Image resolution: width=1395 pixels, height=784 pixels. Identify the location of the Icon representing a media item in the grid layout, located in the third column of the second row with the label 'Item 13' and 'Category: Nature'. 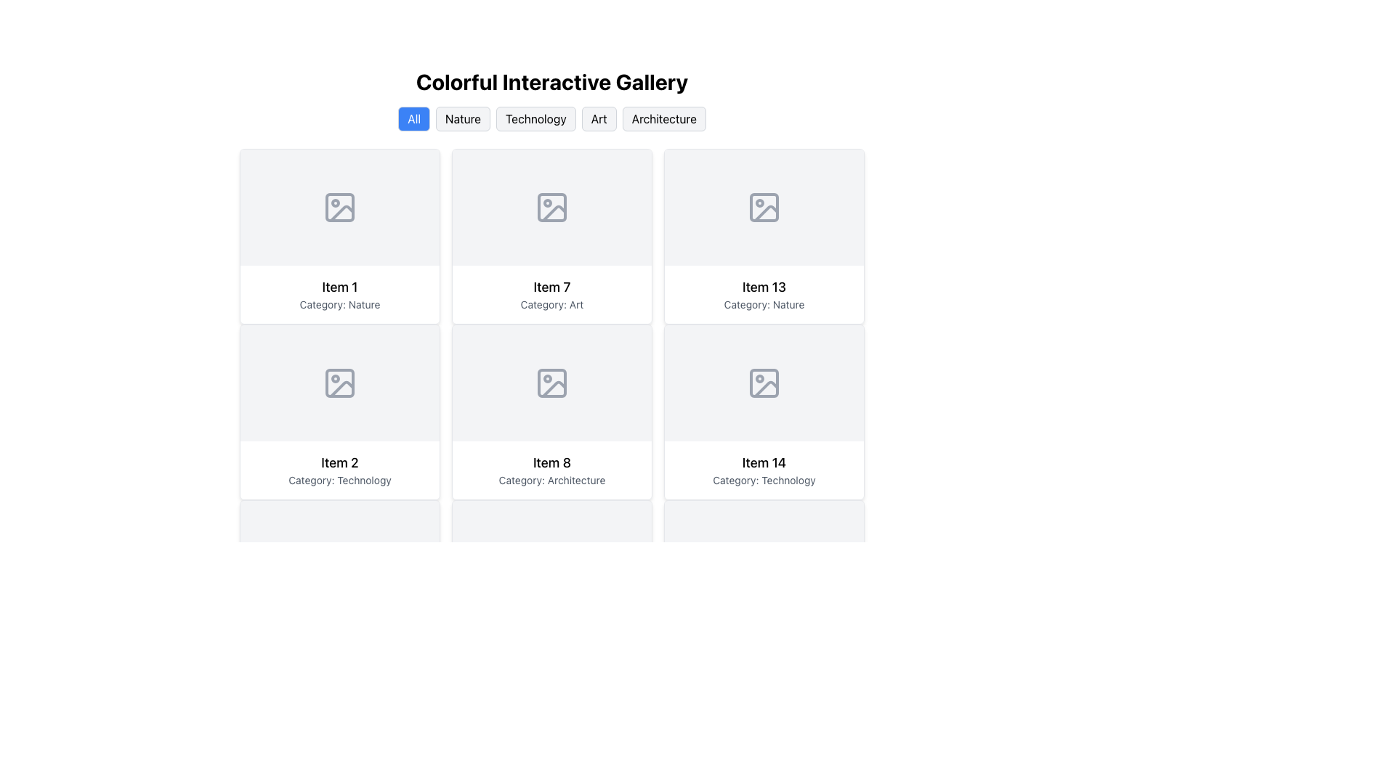
(763, 207).